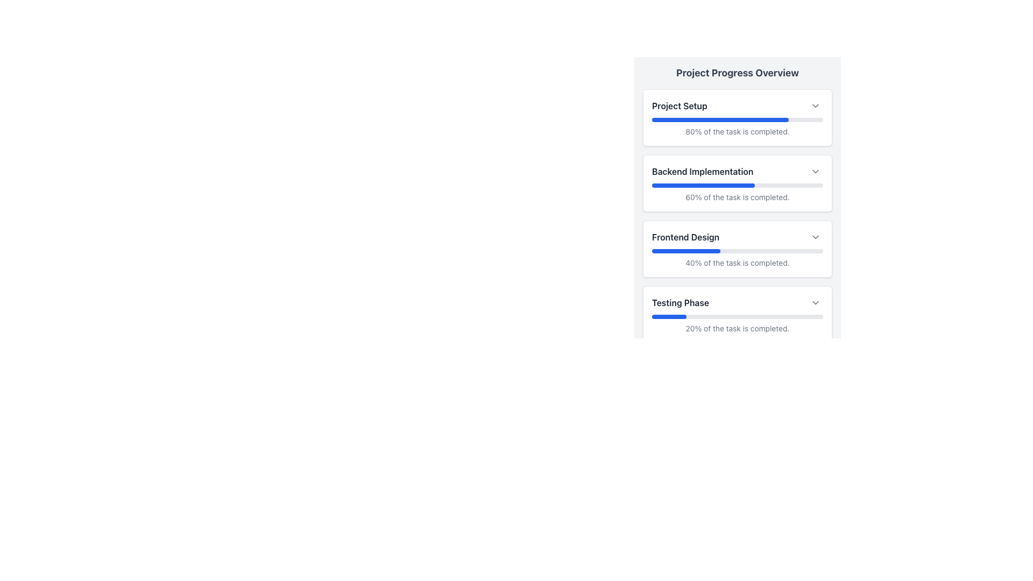 The width and height of the screenshot is (1033, 581). Describe the element at coordinates (737, 251) in the screenshot. I see `the progress bar located within the 'Frontend Design' card, positioned below the title and above the descriptive text indicating 40% completion` at that location.